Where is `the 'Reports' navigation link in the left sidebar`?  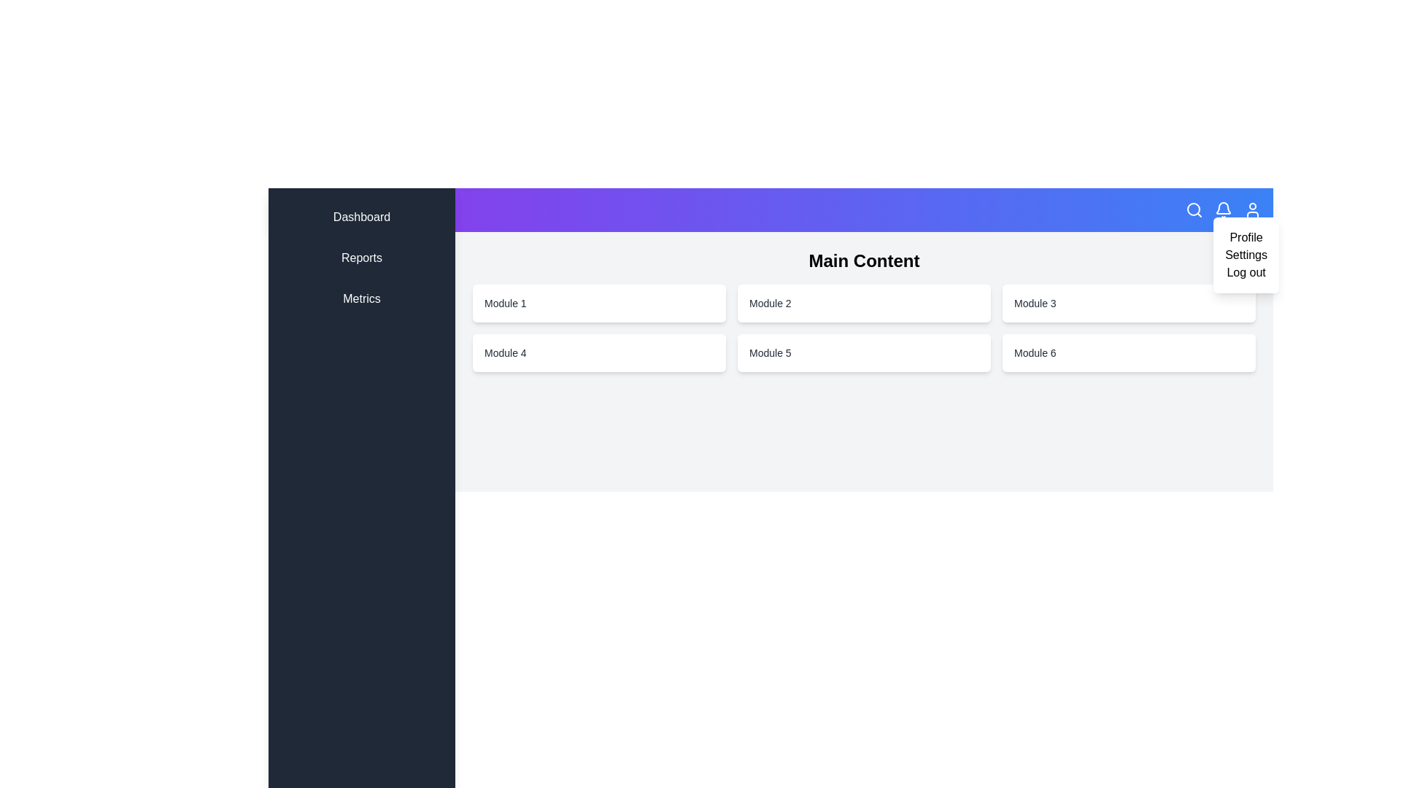
the 'Reports' navigation link in the left sidebar is located at coordinates (361, 258).